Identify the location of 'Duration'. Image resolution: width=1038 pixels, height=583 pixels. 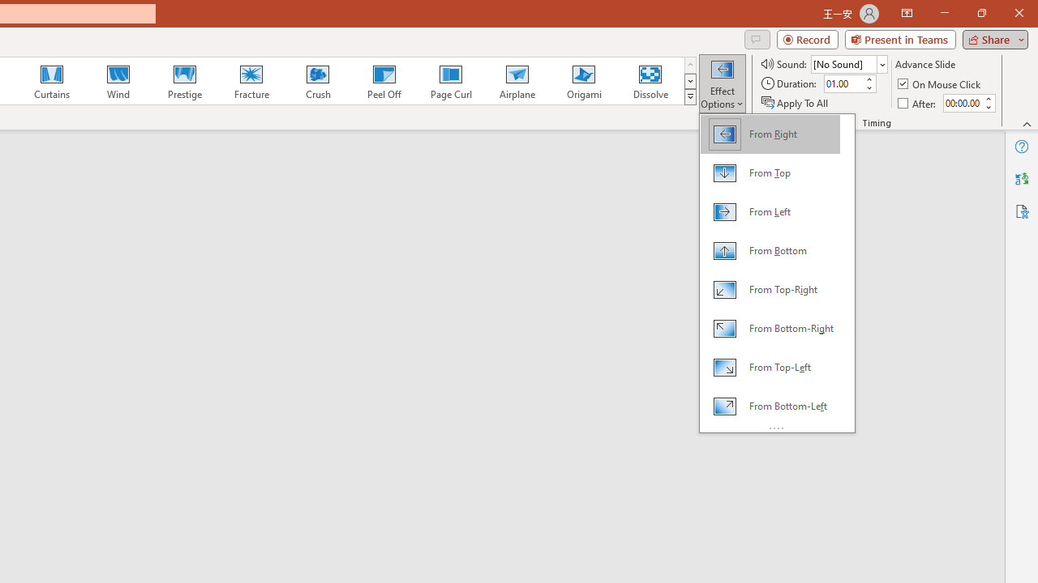
(843, 83).